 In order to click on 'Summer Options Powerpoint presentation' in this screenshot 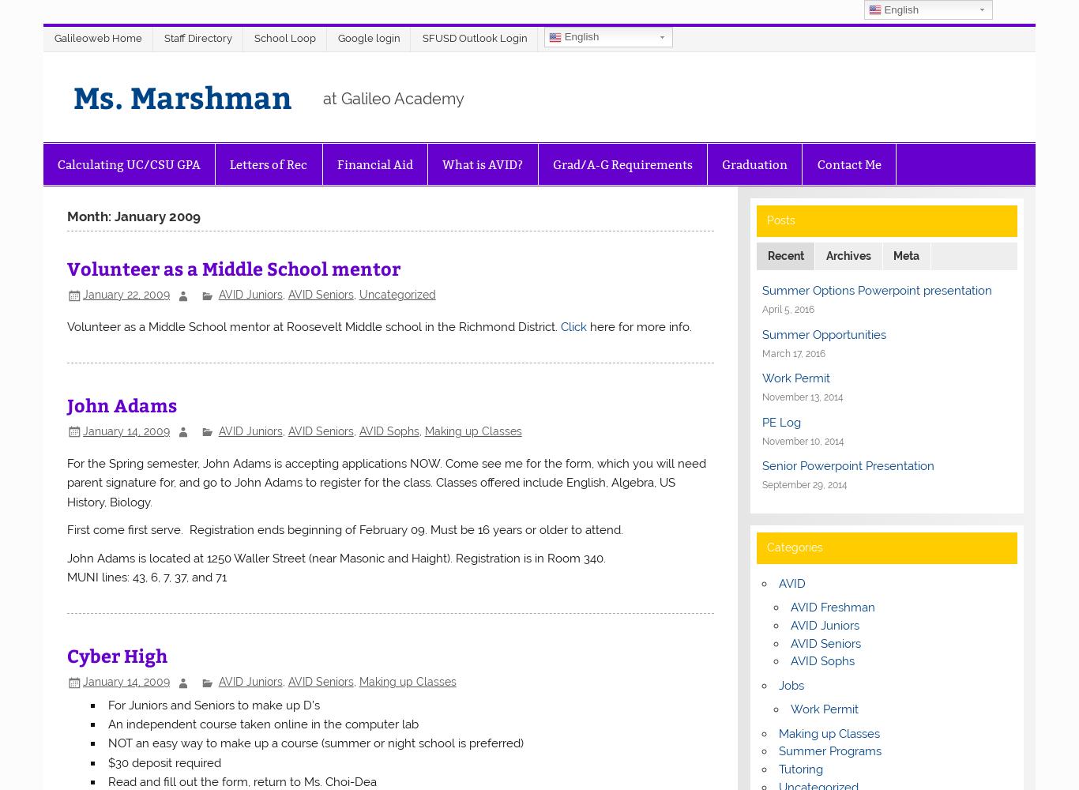, I will do `click(875, 289)`.